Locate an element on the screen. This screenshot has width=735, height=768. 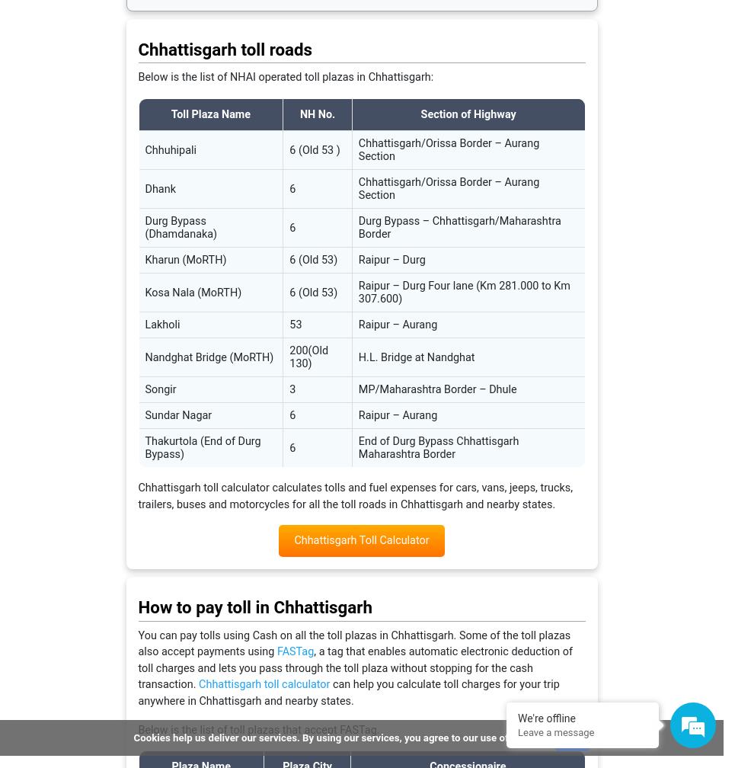
'Chhattisgarh toll calculator calculates tolls and fuel expenses for cars, vans, jeeps, trucks, trailers, buses and motorcycles for all the toll roads in Chhattisgarh and nearby states.' is located at coordinates (354, 495).